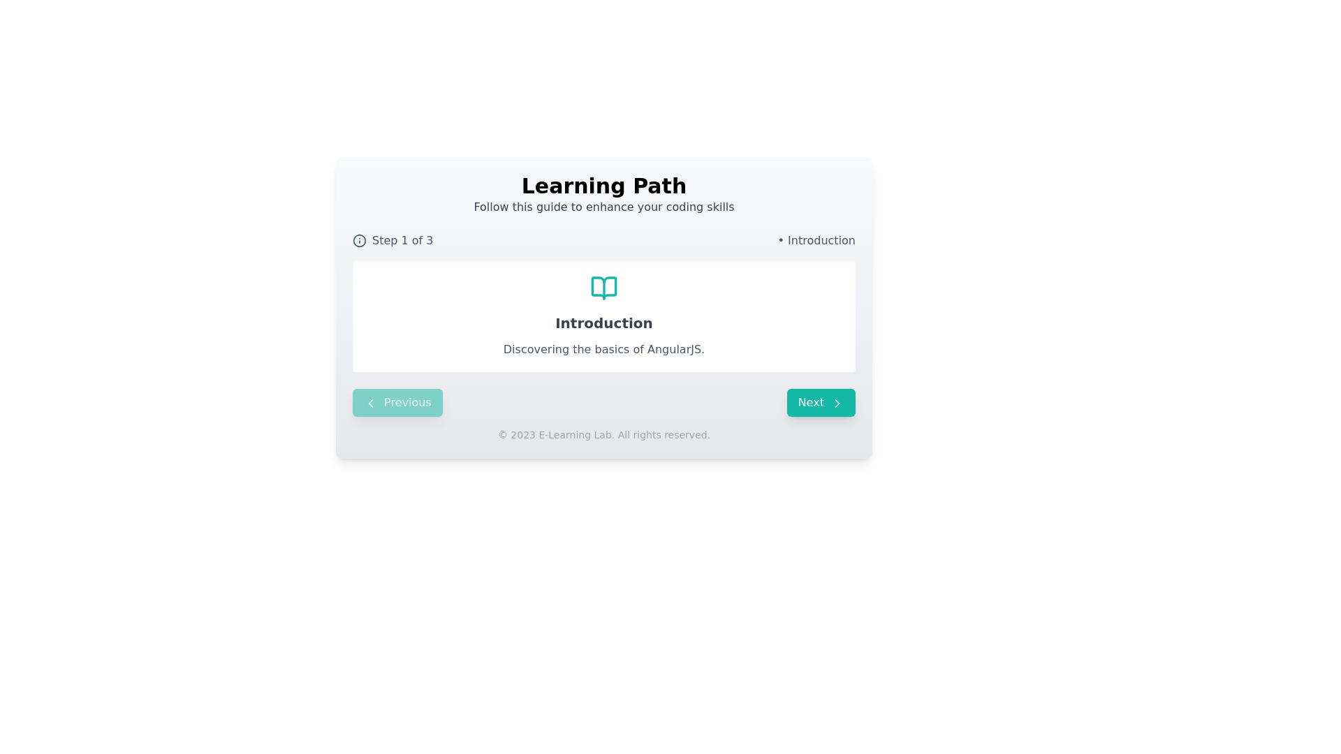 The image size is (1341, 754). What do you see at coordinates (816, 239) in the screenshot?
I see `the static text label that indicates the current section or step's title, located to the right of 'Step 1 of 3'` at bounding box center [816, 239].